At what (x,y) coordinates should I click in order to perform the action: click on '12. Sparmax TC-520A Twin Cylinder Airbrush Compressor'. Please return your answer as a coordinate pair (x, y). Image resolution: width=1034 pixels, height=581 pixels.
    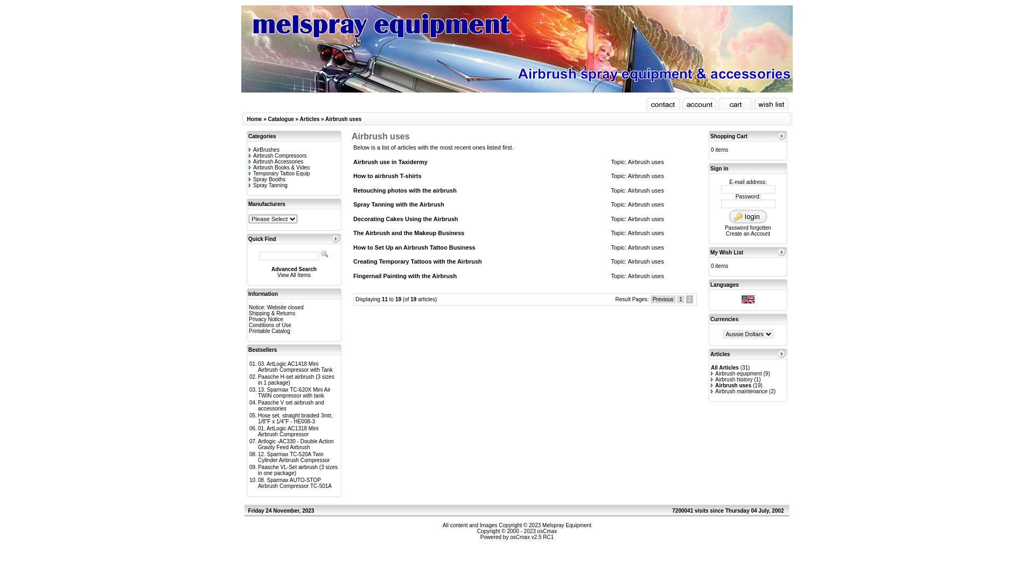
    Looking at the image, I should click on (294, 457).